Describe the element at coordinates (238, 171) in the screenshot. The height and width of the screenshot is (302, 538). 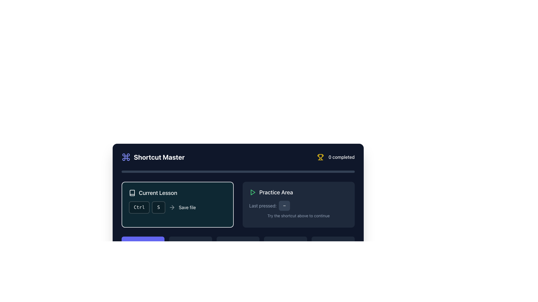
I see `the progress visually by focusing on the horizontal progress bar with a dark background and lighter inner sub-bar, located in the 'Shortcut Master' interface section` at that location.